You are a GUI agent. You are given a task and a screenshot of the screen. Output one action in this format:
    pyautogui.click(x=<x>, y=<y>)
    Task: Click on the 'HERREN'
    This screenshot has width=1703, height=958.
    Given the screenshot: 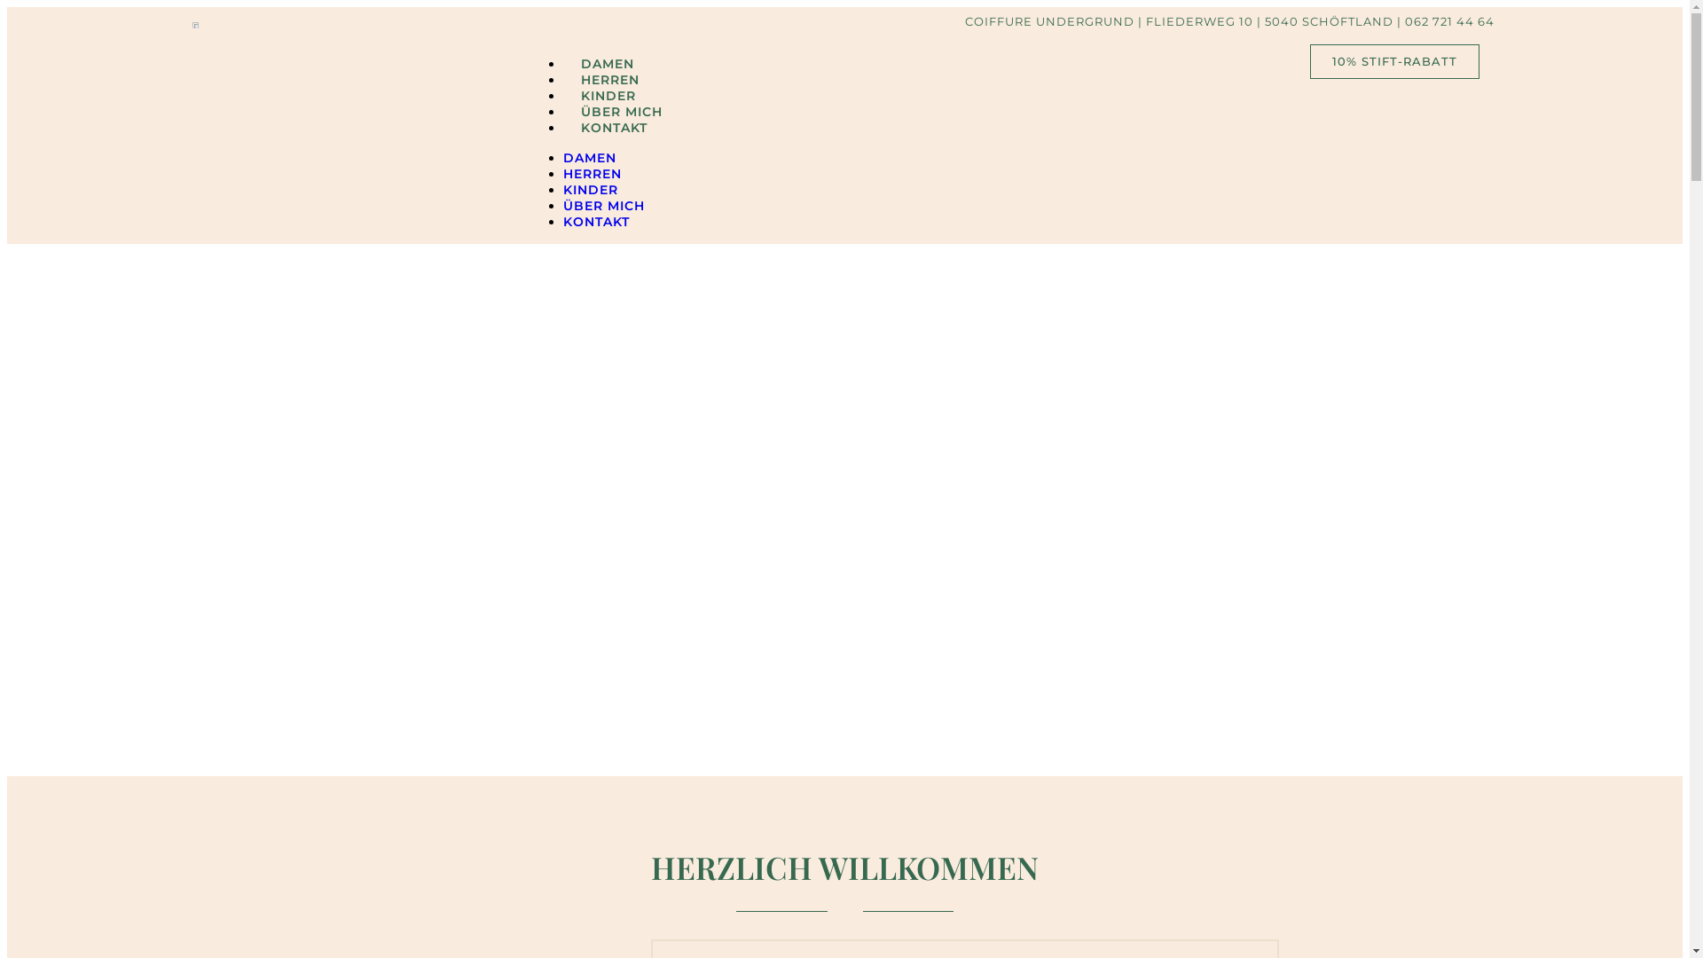 What is the action you would take?
    pyautogui.click(x=609, y=78)
    